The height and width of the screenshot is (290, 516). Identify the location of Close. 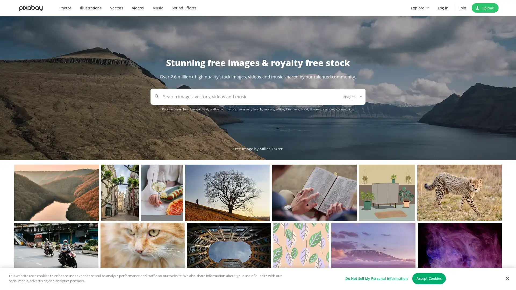
(507, 278).